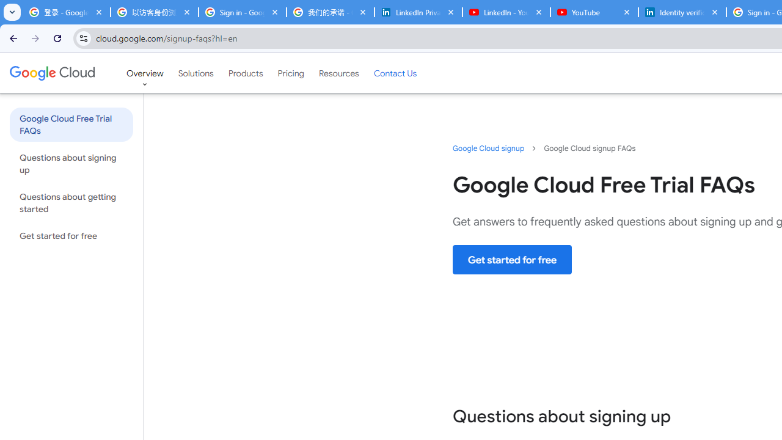  I want to click on 'Questions about signing up', so click(70, 163).